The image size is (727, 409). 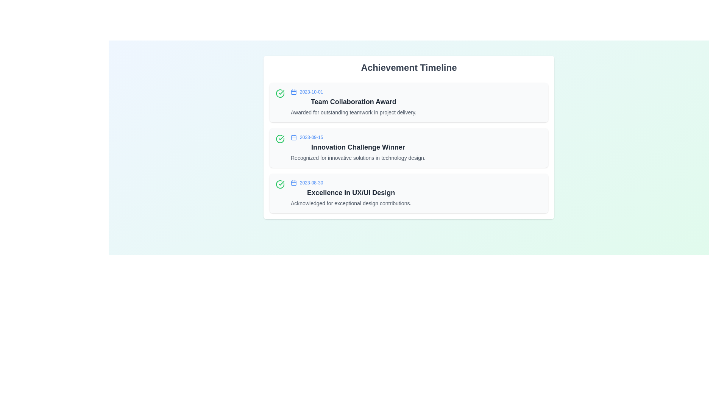 I want to click on information presented in the second entry of the achievement timeline, which details the 'Innovation Challenge Winner' award dated '2023-09-15', so click(x=357, y=148).